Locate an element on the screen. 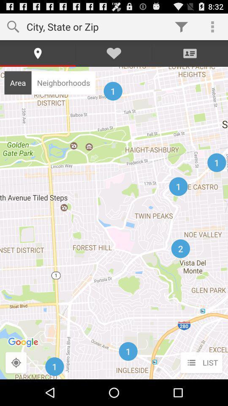  list icon is located at coordinates (201, 362).